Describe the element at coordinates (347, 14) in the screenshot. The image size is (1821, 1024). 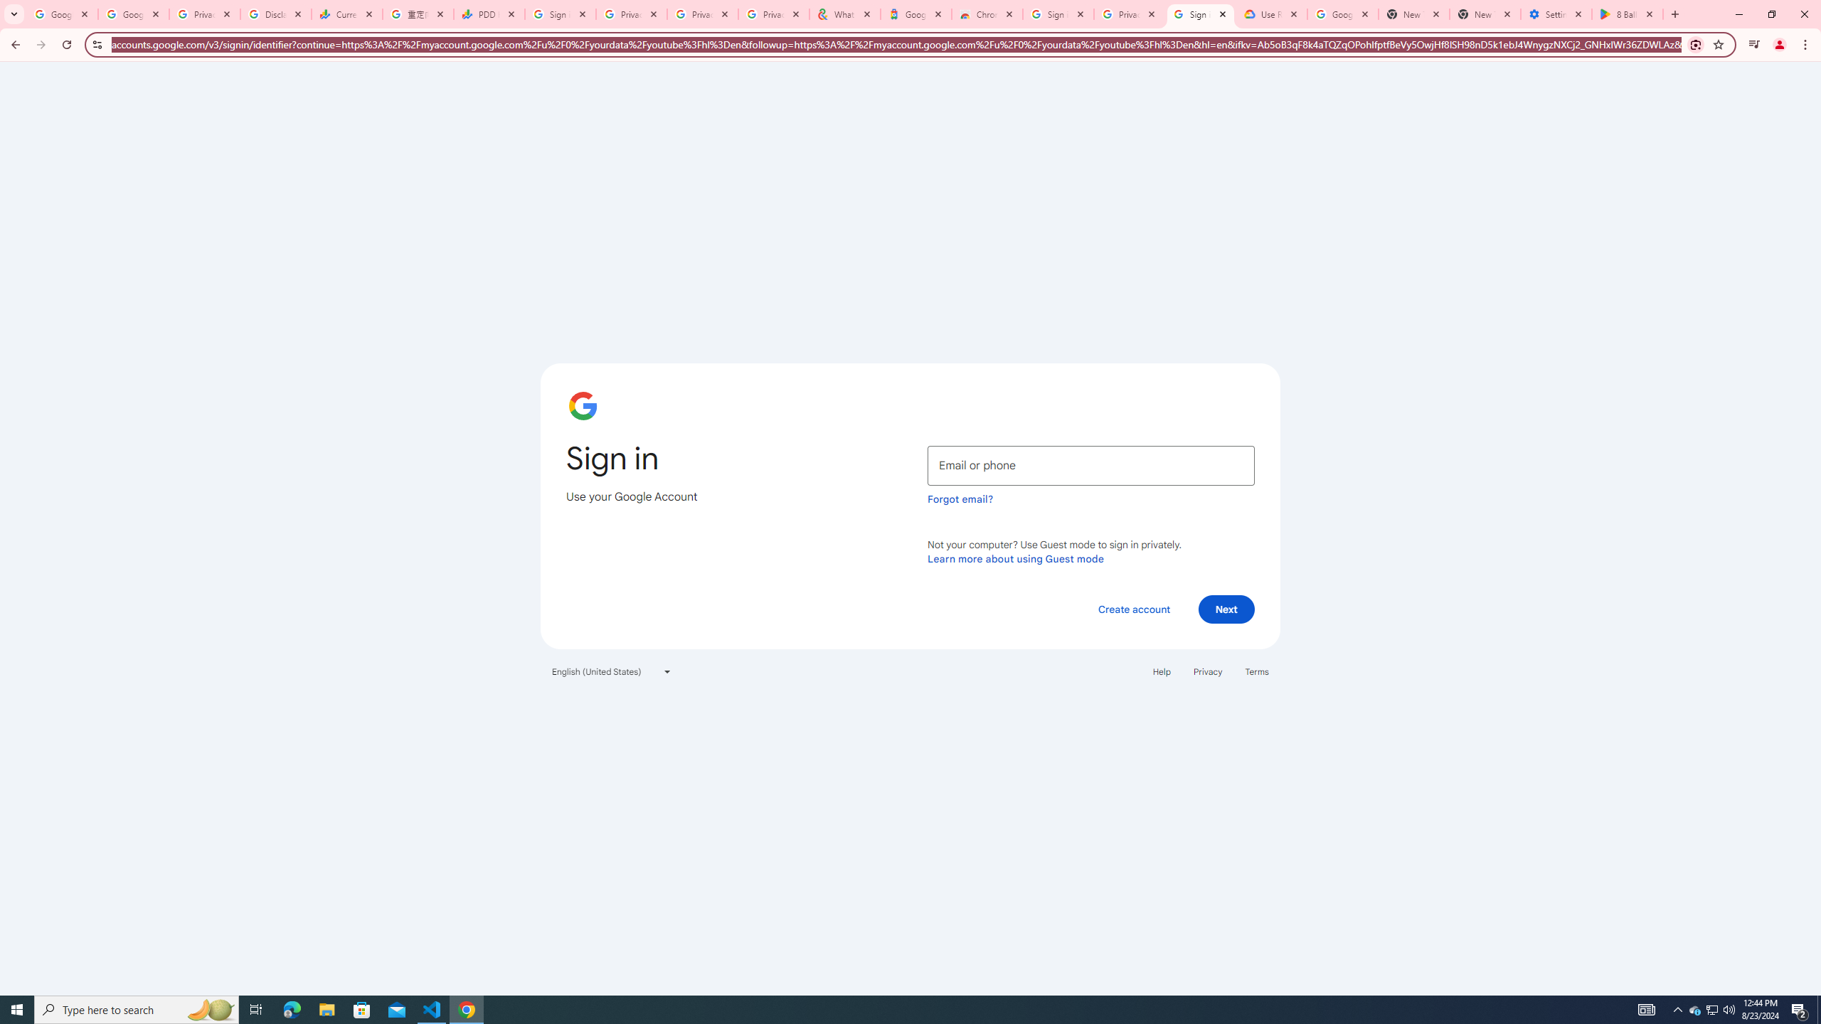
I see `'Currencies - Google Finance'` at that location.